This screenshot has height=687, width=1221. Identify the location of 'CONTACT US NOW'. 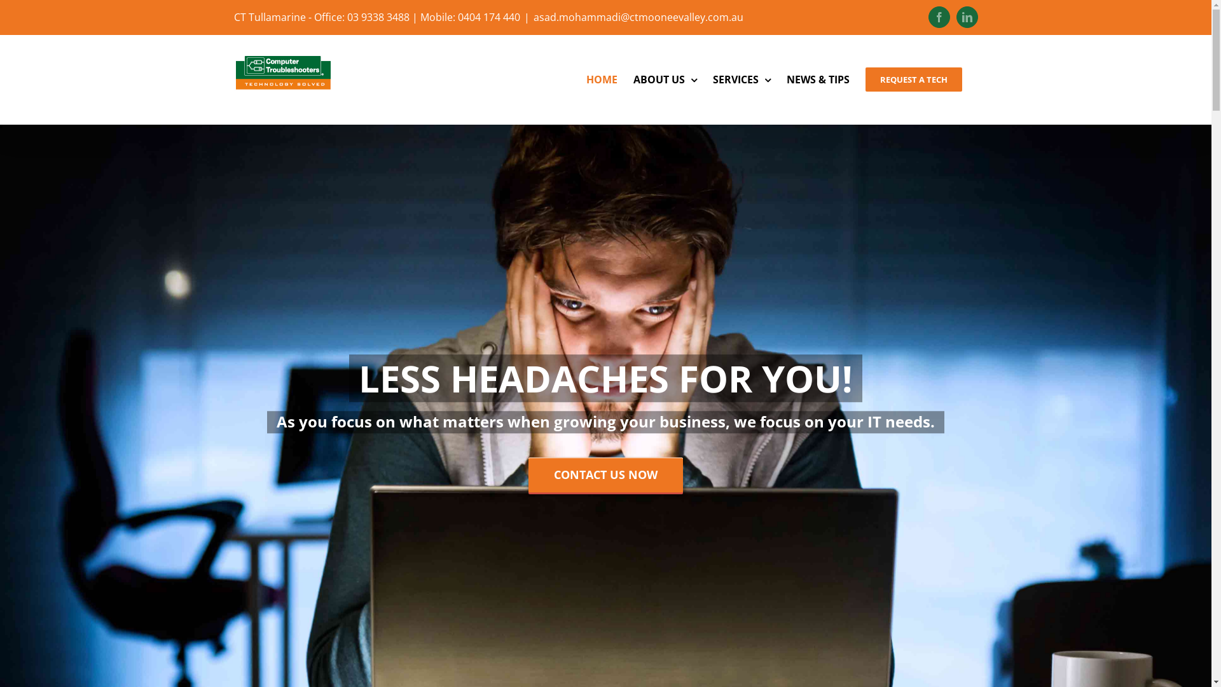
(528, 475).